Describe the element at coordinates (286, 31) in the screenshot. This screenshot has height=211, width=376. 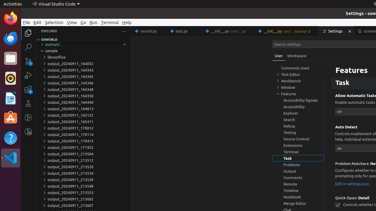
I see `'__init__.py'` at that location.